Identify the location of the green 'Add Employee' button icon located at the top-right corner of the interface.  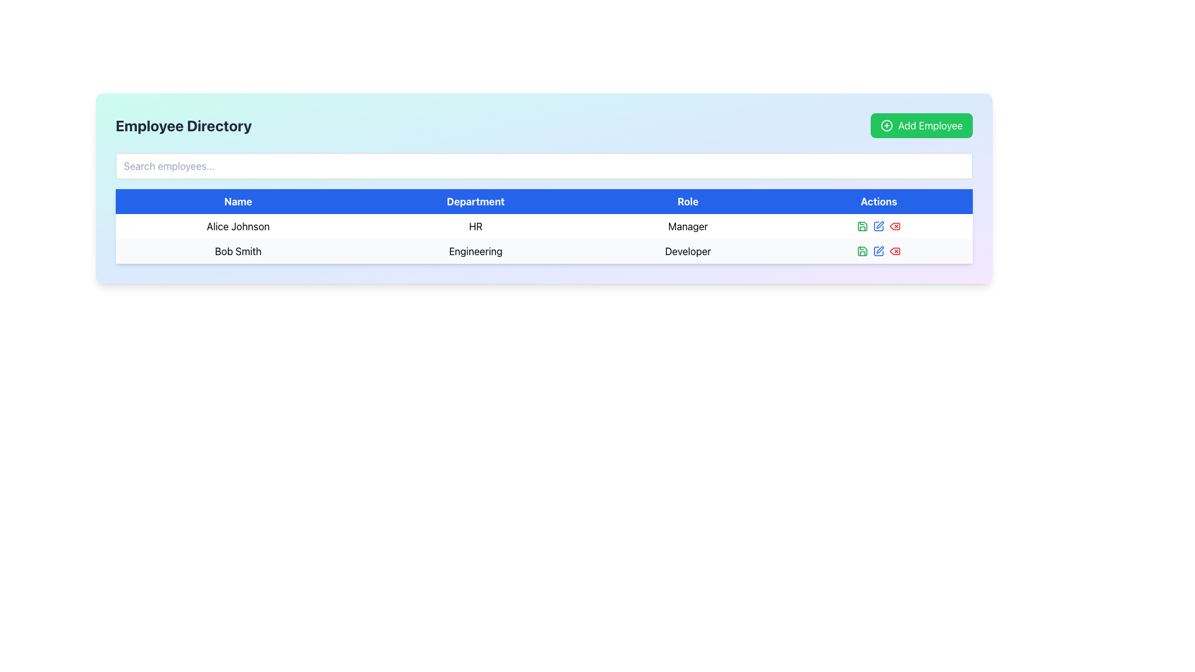
(886, 125).